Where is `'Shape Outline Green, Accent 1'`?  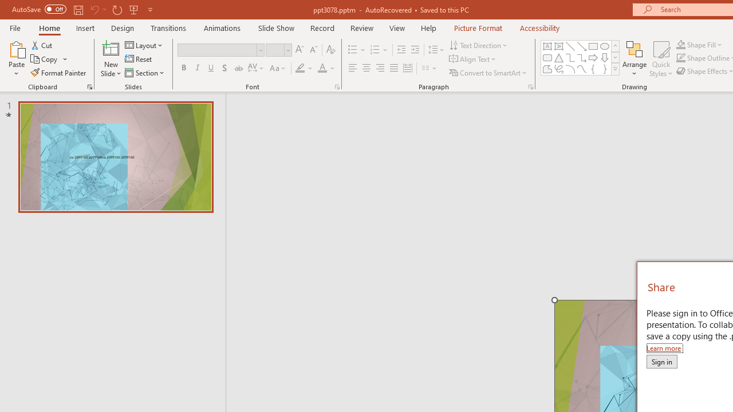 'Shape Outline Green, Accent 1' is located at coordinates (681, 58).